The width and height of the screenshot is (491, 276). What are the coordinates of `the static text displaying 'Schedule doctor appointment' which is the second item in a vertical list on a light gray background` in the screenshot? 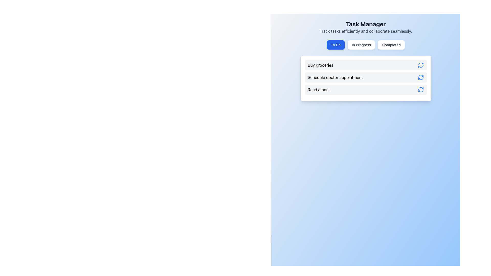 It's located at (335, 77).